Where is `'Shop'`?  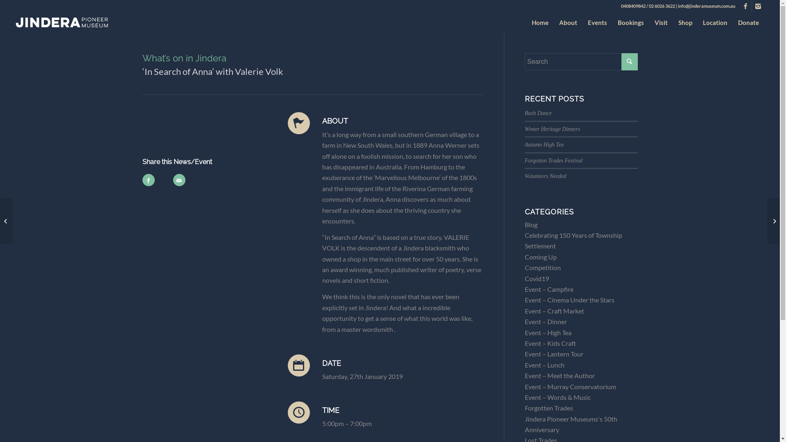 'Shop' is located at coordinates (685, 22).